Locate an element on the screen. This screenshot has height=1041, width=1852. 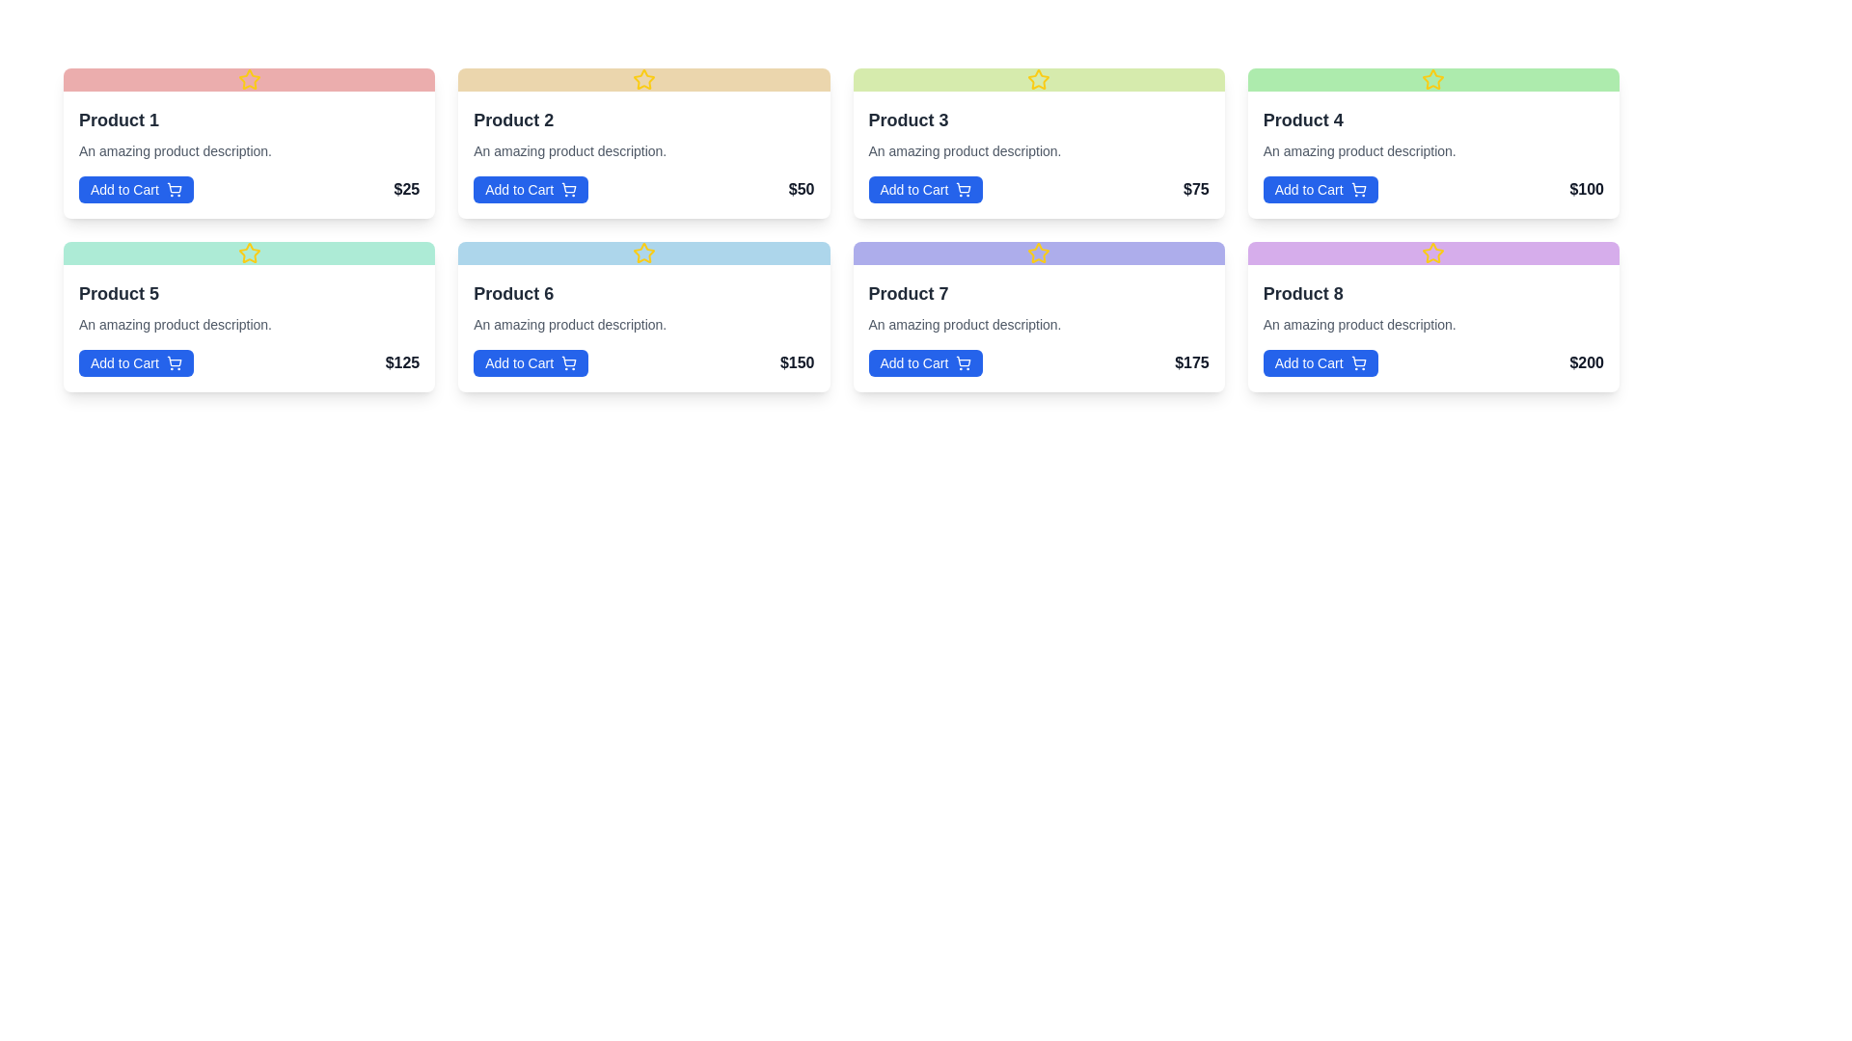
the text label displaying 'An amazing product description.' located within the card identified as 'Product 7' is located at coordinates (965, 323).